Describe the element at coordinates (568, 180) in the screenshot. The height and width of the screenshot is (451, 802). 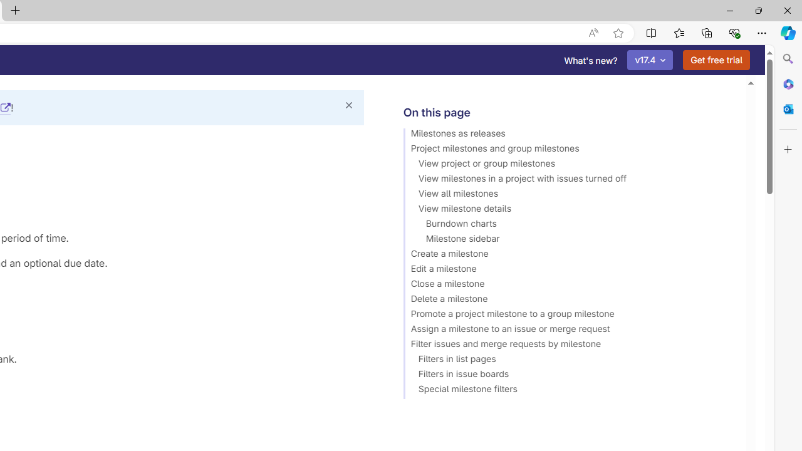
I see `'View milestones in a project with issues turned off'` at that location.